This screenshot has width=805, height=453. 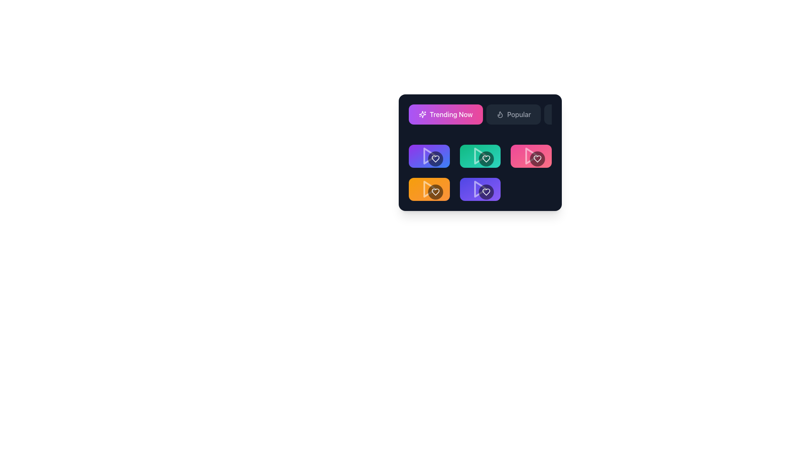 I want to click on the hollow bookmark icon located in the rightmost pink card of the media grid under the 'Trending Now' and 'Popular' tabs, so click(x=553, y=152).